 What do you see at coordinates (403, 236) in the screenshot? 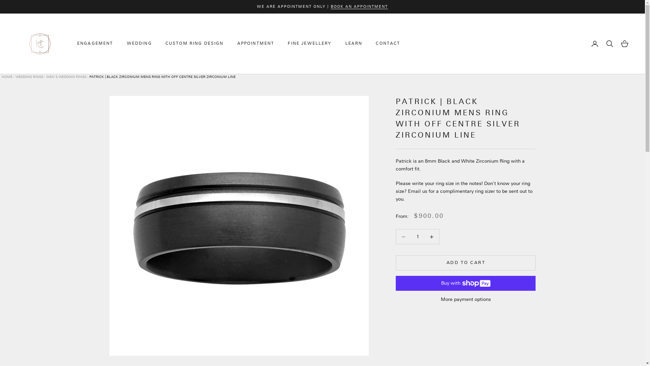
I see `'Decrease quantity'` at bounding box center [403, 236].